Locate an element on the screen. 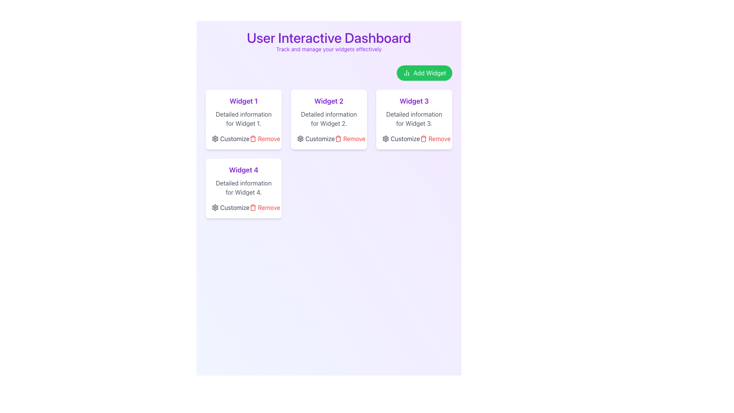 This screenshot has width=734, height=413. the Interactive Button Group consisting of 'Customize' and 'Remove' buttons located at the bottom of the card labeled 'Widget 4' is located at coordinates (243, 208).